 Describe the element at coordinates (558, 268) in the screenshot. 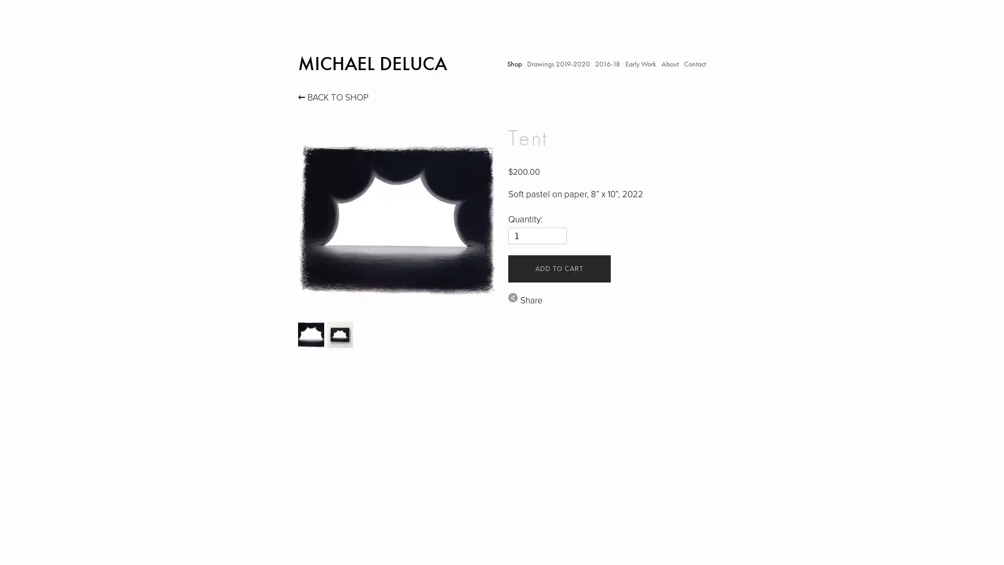

I see `ADD TO CART` at that location.